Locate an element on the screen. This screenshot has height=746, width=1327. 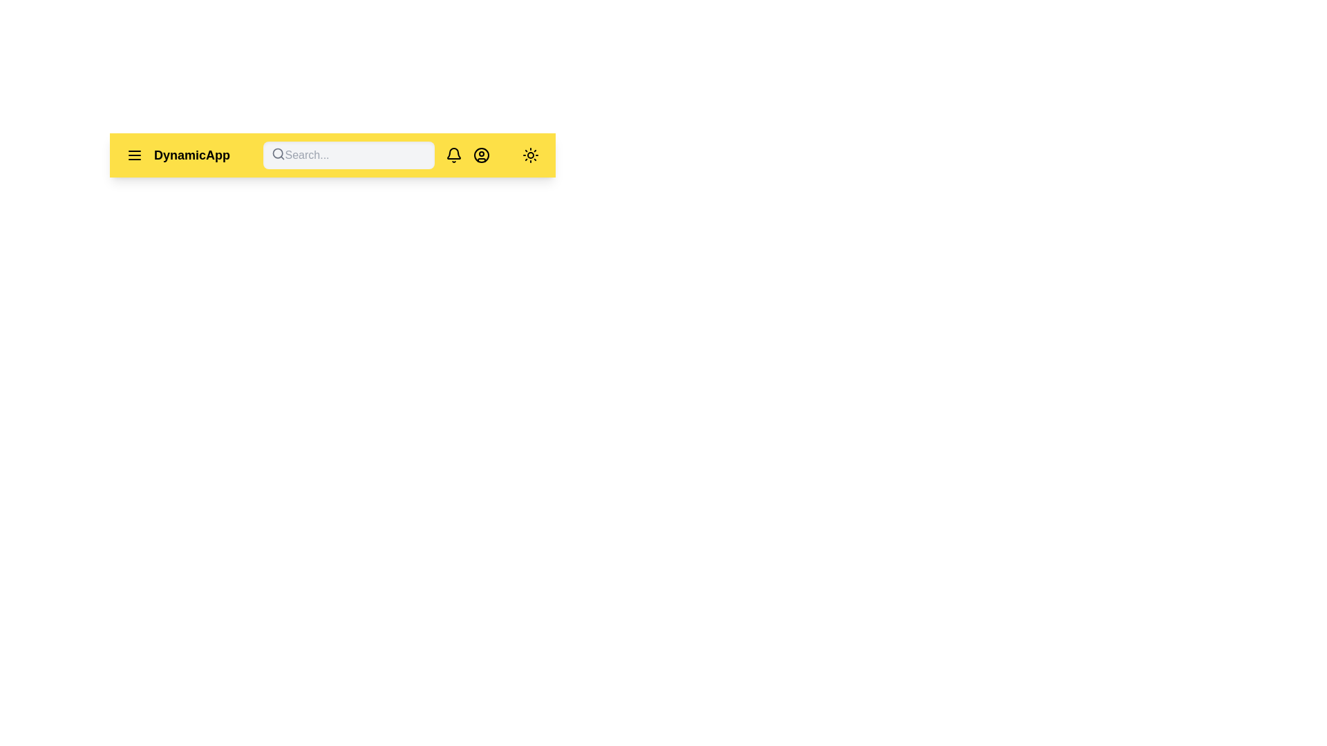
the notification bell icon is located at coordinates (453, 155).